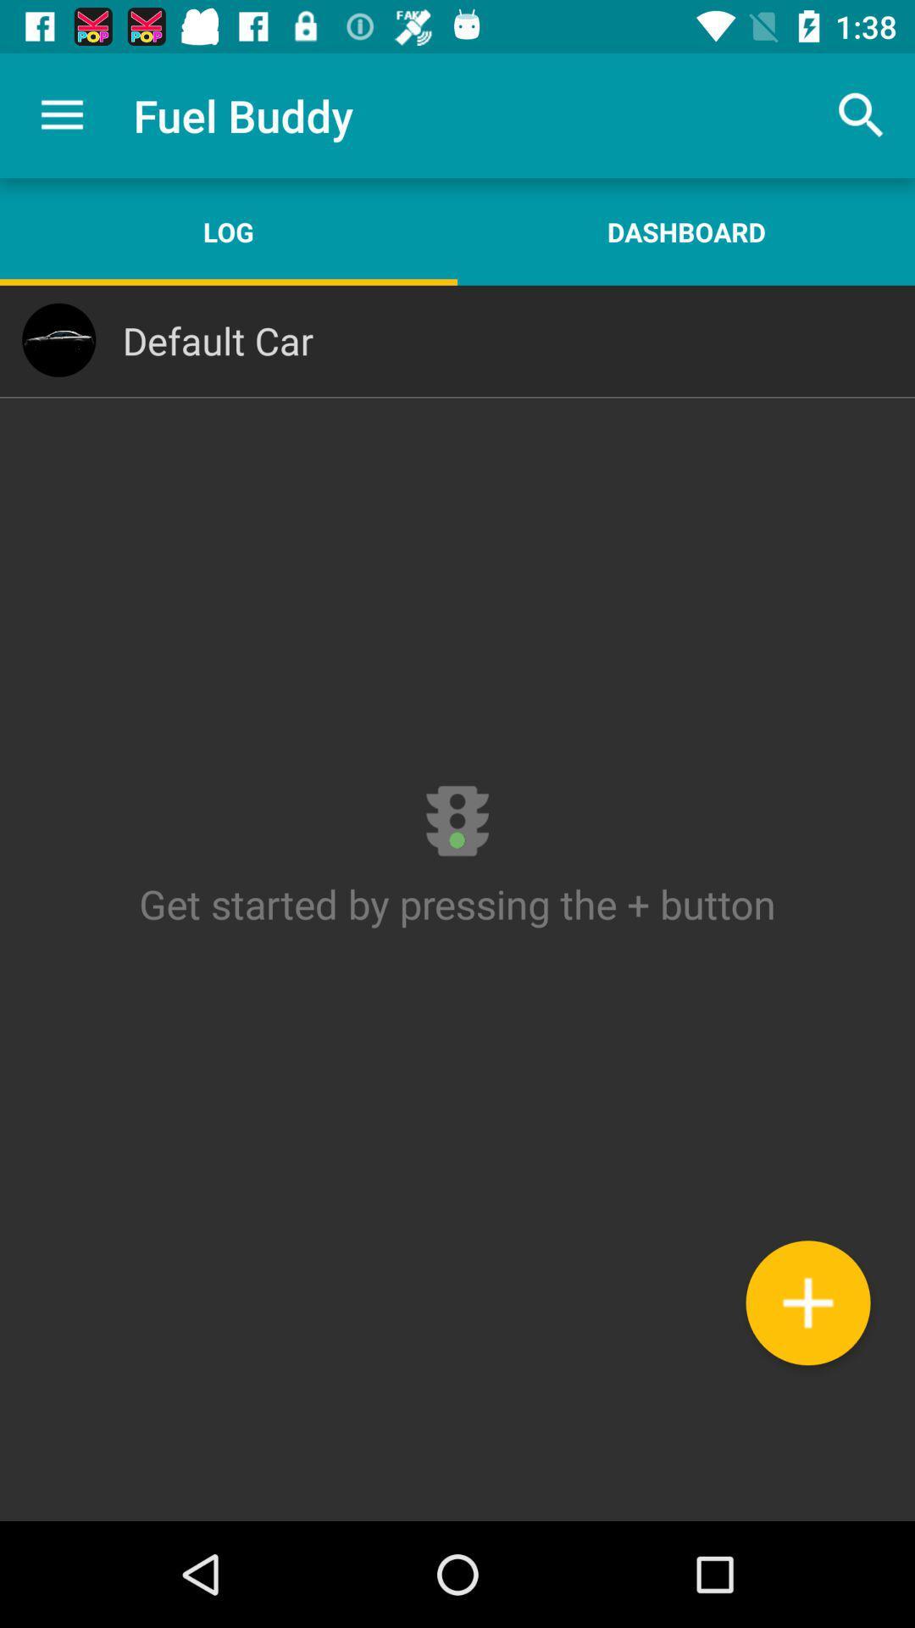  I want to click on the app to the left of dashboard item, so click(229, 231).